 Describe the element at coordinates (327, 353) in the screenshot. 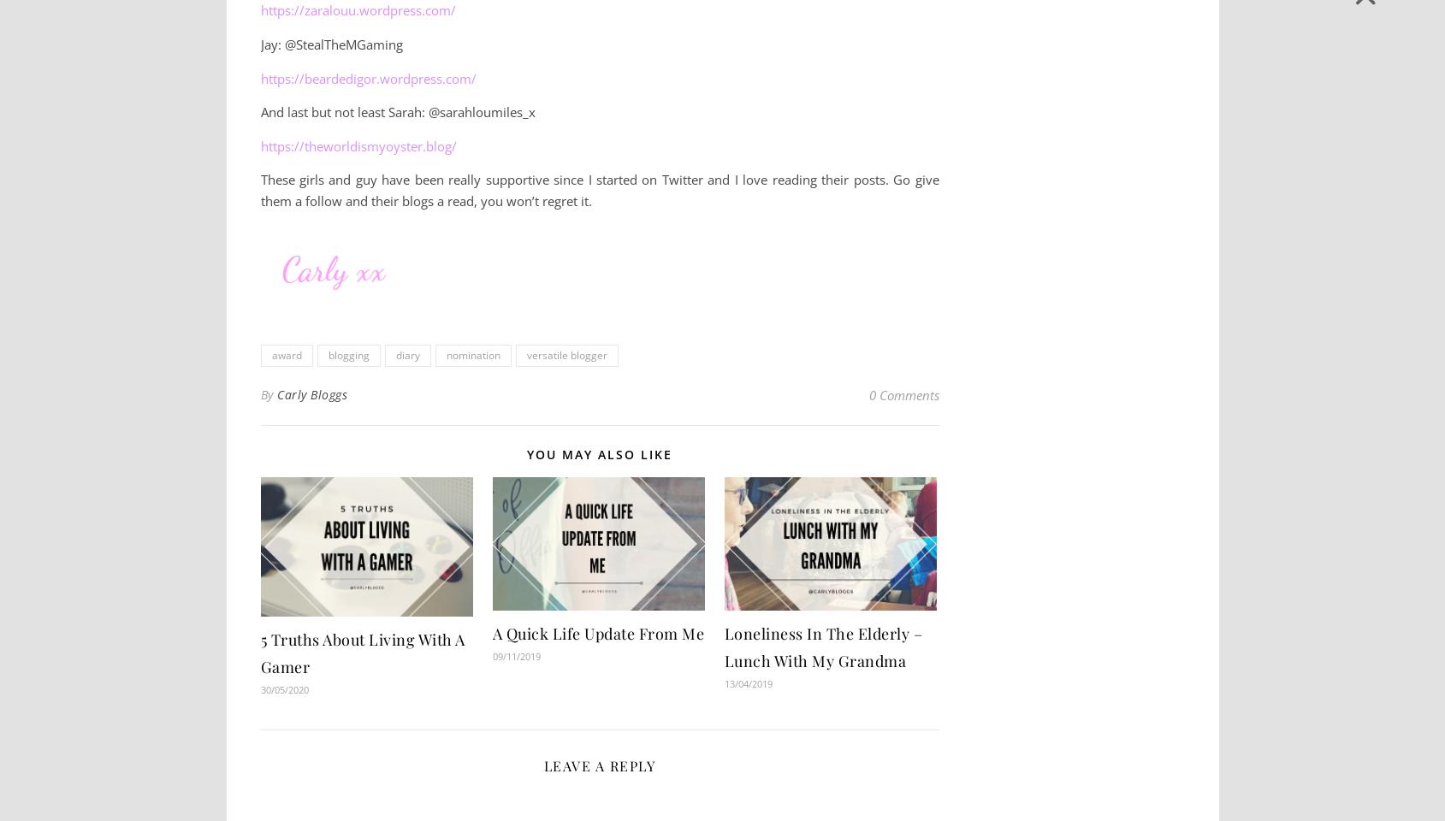

I see `'blogging'` at that location.